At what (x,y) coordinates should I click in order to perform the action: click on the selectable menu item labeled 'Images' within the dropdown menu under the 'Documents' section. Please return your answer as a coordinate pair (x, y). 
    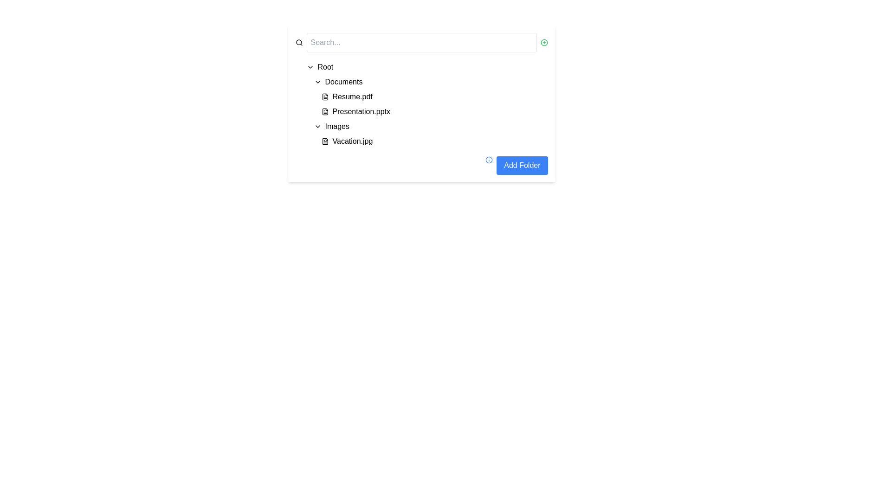
    Looking at the image, I should click on (336, 127).